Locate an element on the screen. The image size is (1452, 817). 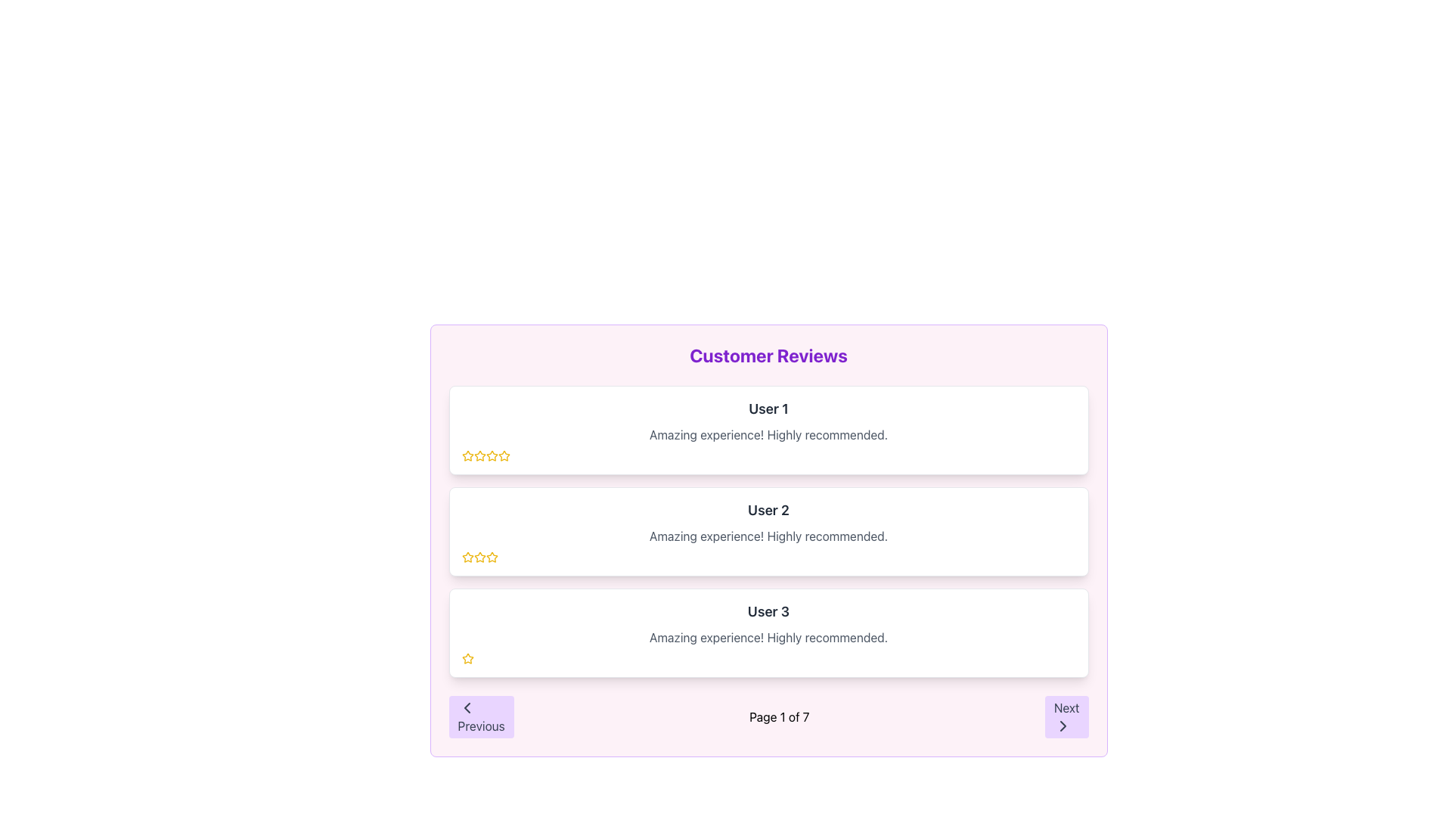
the fourth yellow star icon in the horizontally-aligned group of five stars located in the top-left corner of the first review card, positioned below 'User 1' and above the review text is located at coordinates (492, 455).